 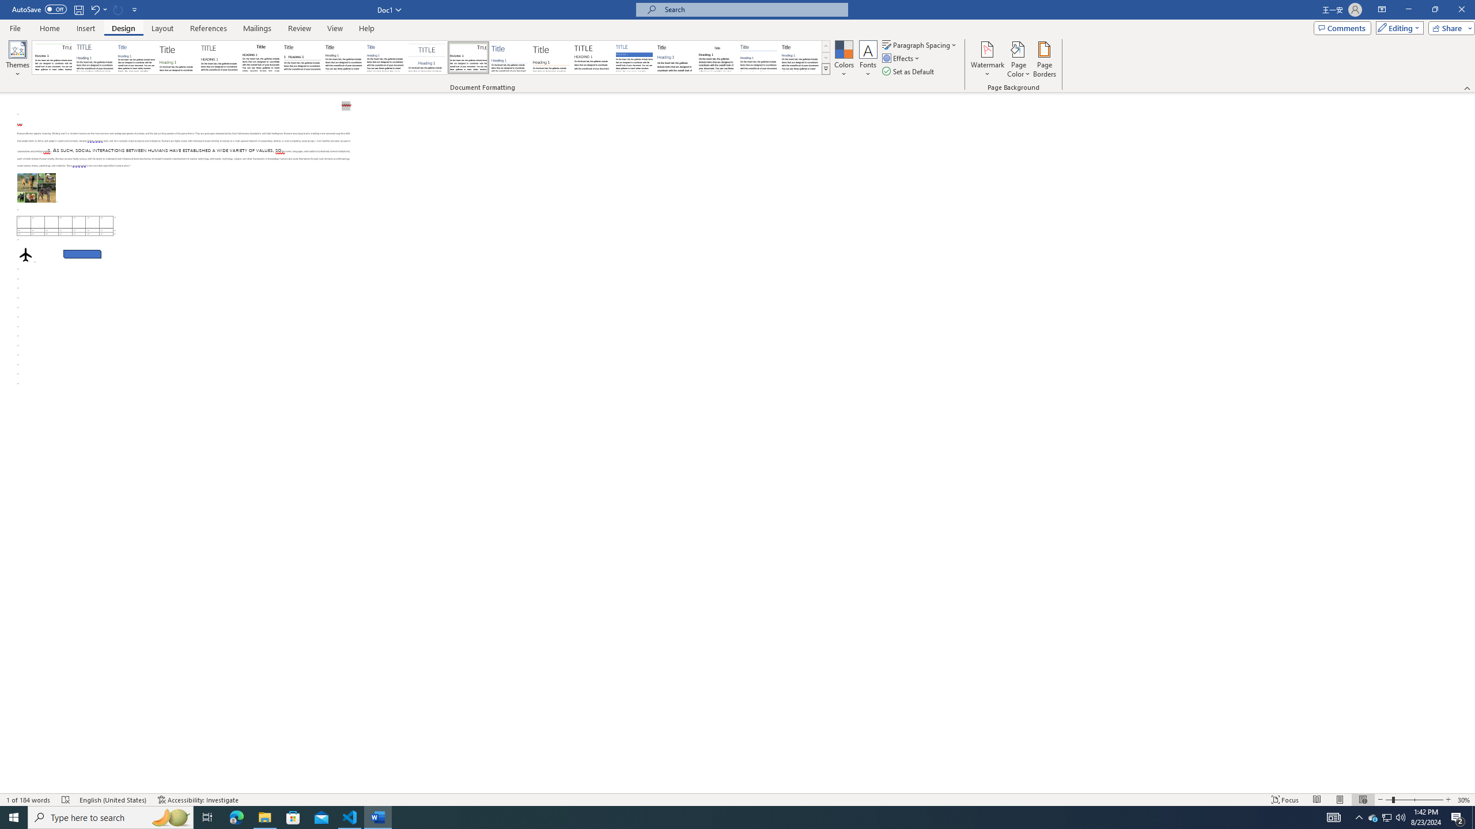 What do you see at coordinates (1045, 59) in the screenshot?
I see `'Page Borders...'` at bounding box center [1045, 59].